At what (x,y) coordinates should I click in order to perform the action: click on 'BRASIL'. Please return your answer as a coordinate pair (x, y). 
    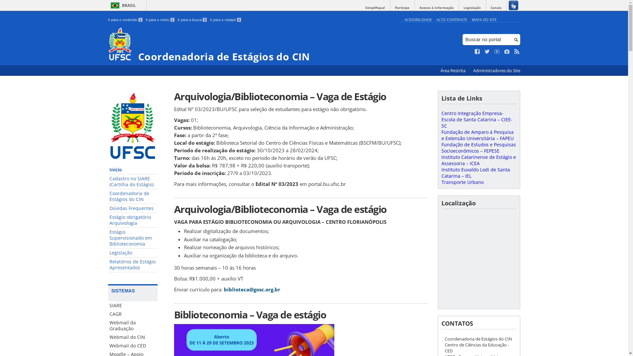
    Looking at the image, I should click on (122, 5).